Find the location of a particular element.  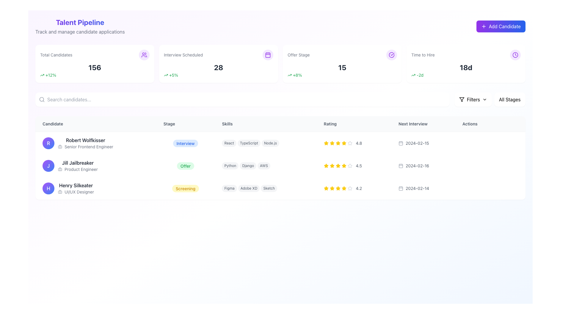

the calendar icon located in the 'Actions' column of the last row in the 'Talent Pipeline' table, next to the 'Next Interview' date for the entry 'Henry Silkeater' is located at coordinates (401, 188).